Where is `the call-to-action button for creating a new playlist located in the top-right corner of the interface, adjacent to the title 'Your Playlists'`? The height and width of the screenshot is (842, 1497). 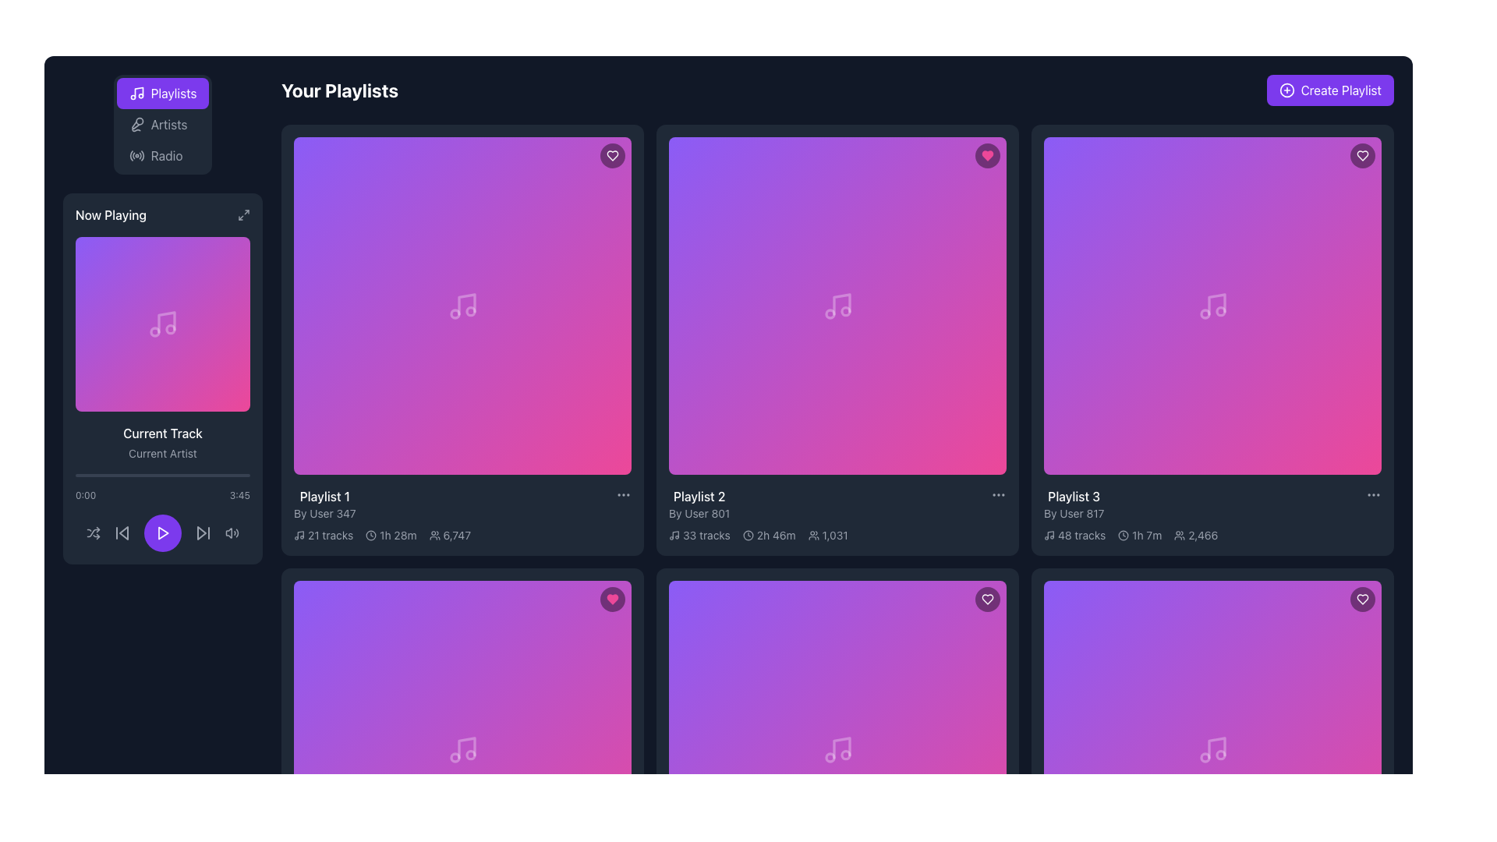 the call-to-action button for creating a new playlist located in the top-right corner of the interface, adjacent to the title 'Your Playlists' is located at coordinates (1329, 90).